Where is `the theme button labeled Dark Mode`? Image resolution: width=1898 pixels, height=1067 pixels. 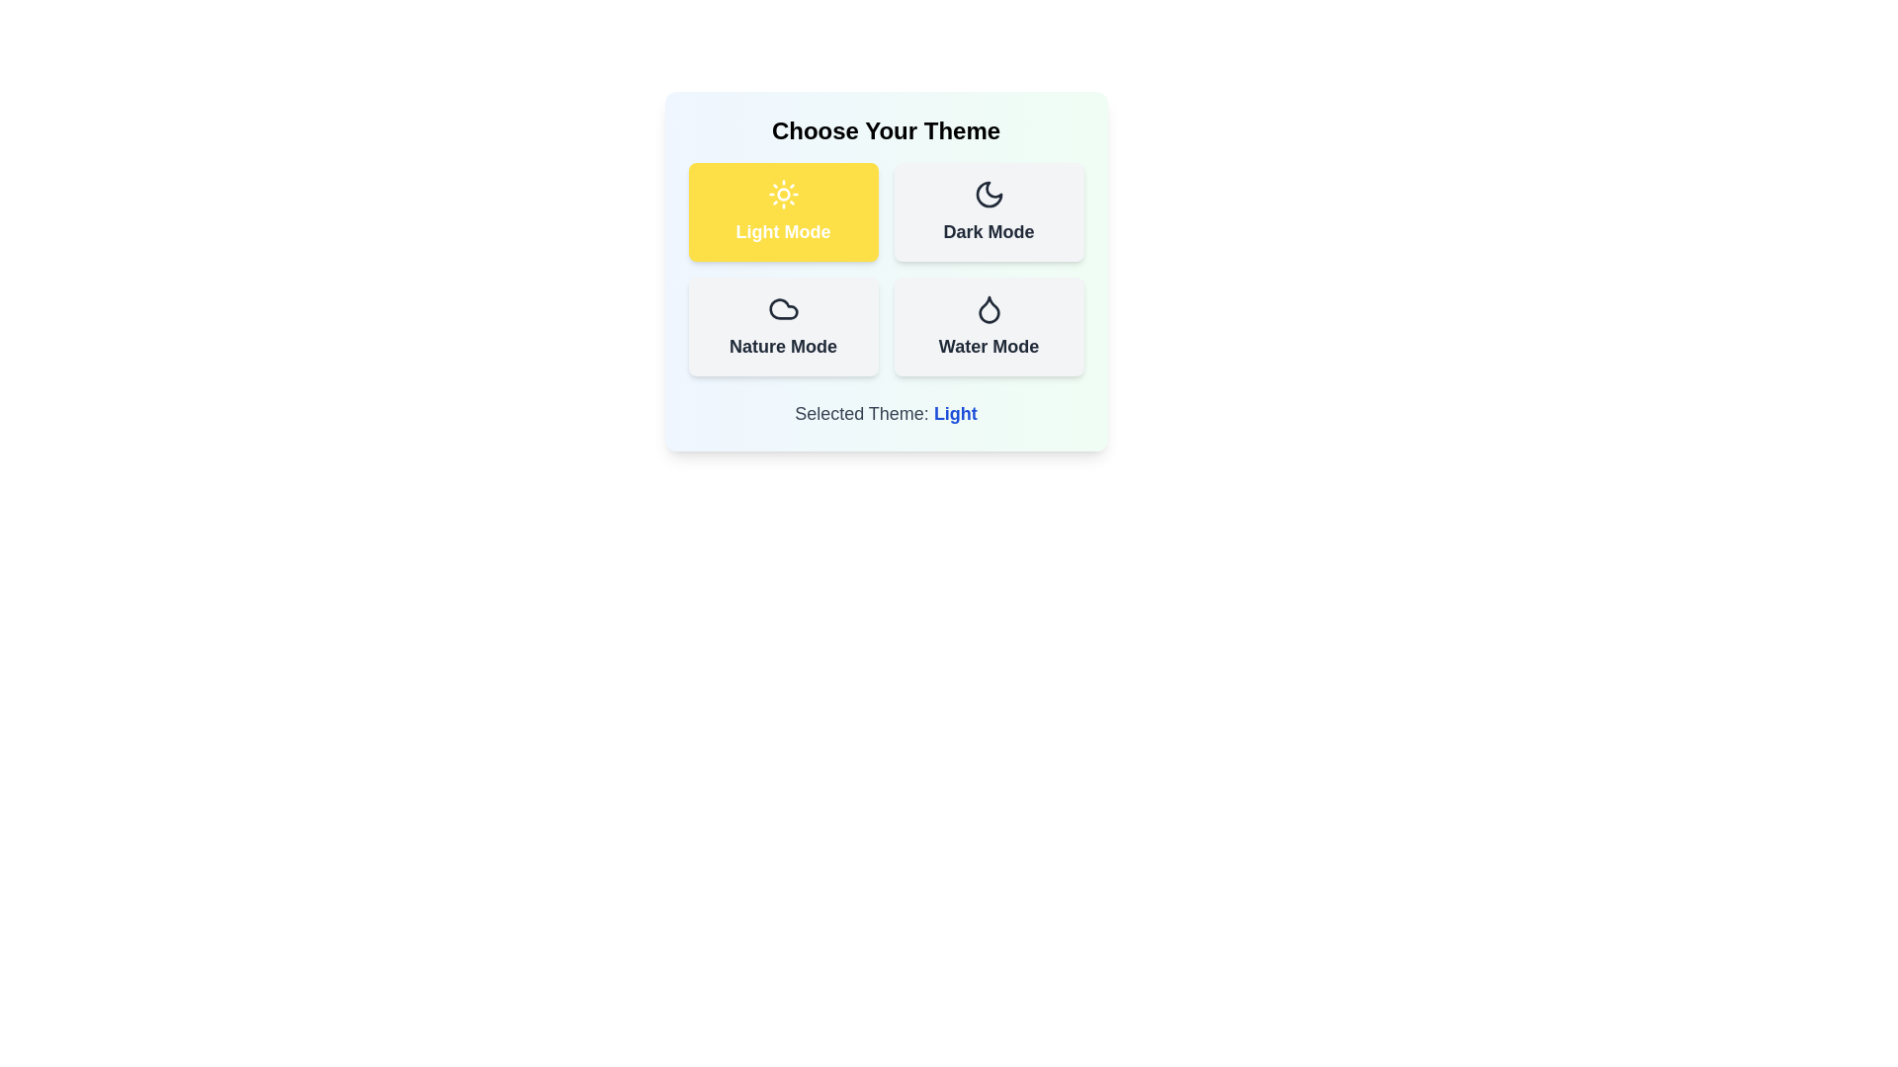 the theme button labeled Dark Mode is located at coordinates (989, 212).